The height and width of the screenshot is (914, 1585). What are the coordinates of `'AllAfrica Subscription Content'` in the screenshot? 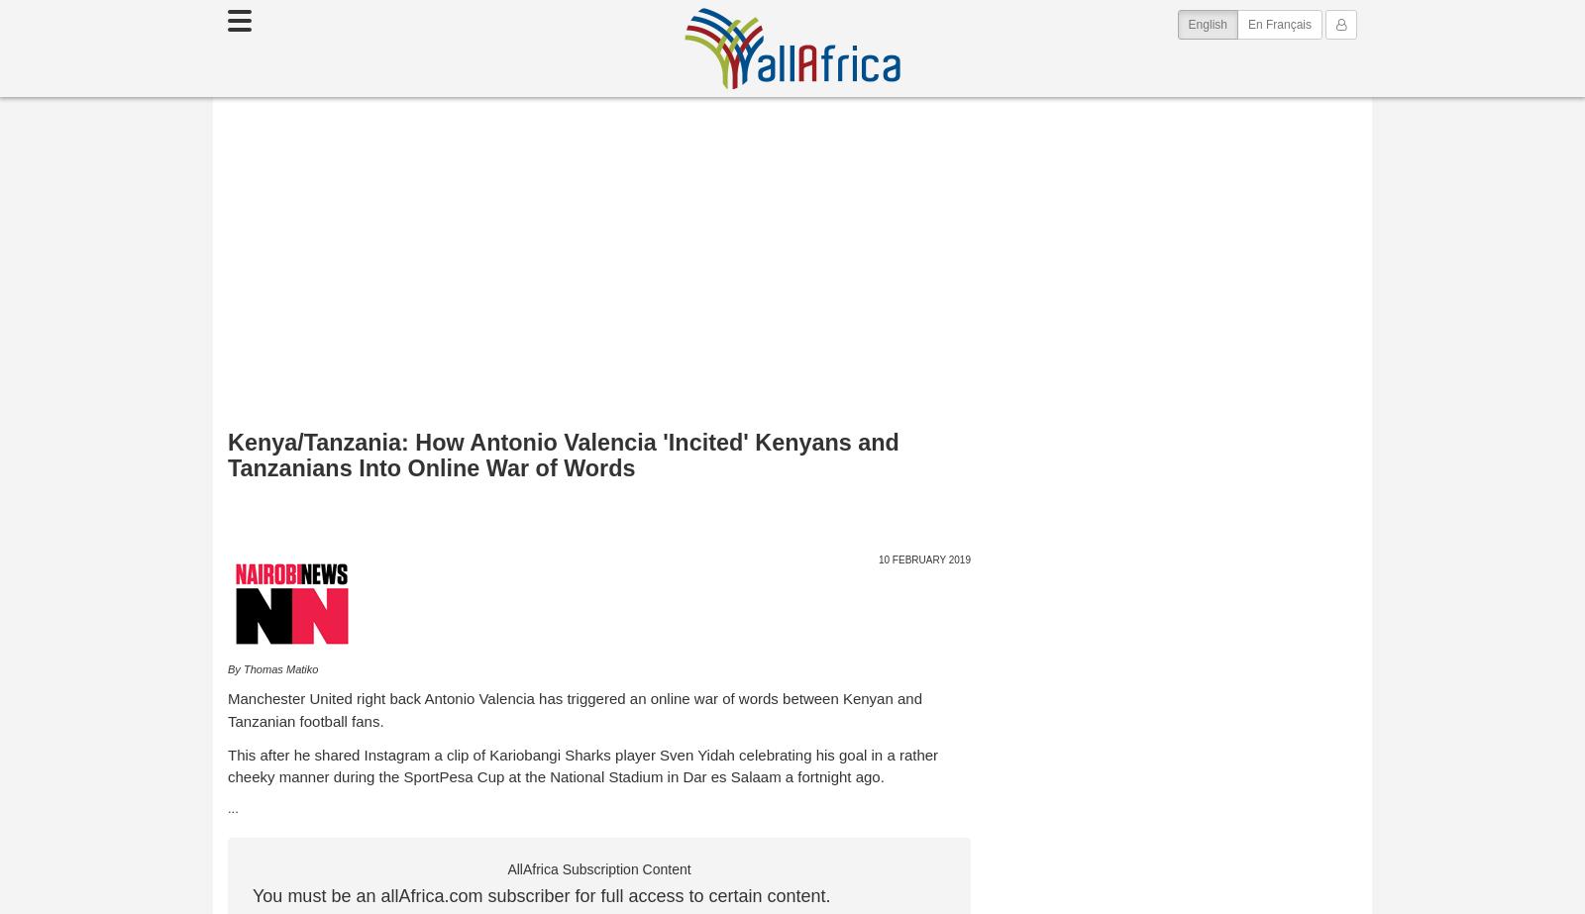 It's located at (506, 867).